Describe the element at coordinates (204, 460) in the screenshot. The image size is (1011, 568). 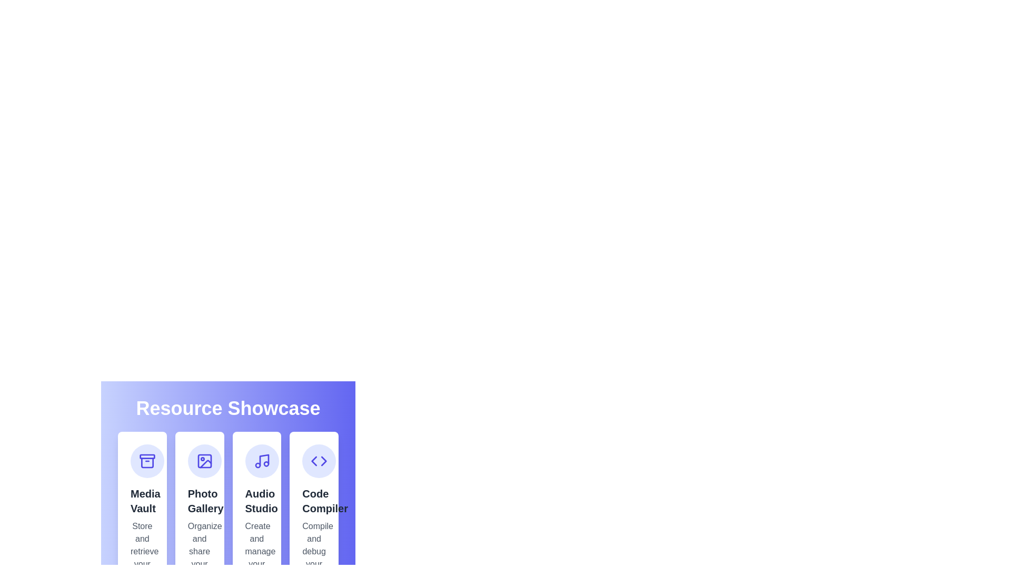
I see `the icon represented by the SVG rectangle with rounded corners located in the 'Photo Gallery' section under the 'Resource Showcase' heading to interact with it` at that location.